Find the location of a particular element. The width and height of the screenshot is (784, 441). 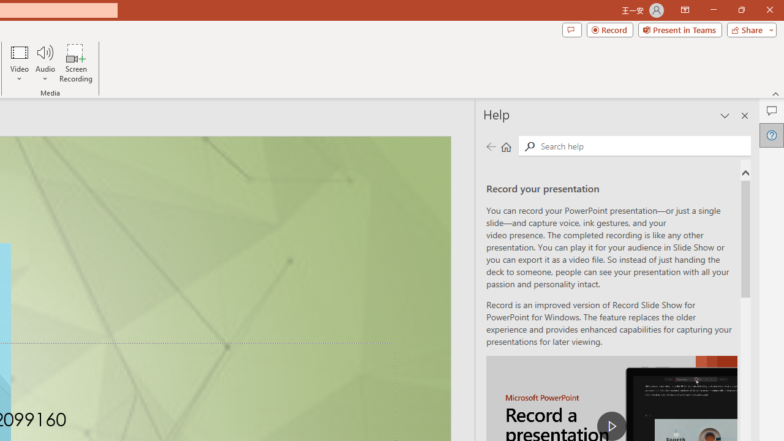

'Restore Down' is located at coordinates (741, 10).